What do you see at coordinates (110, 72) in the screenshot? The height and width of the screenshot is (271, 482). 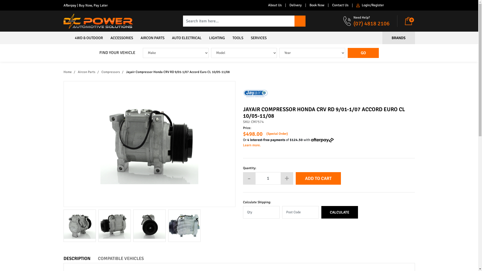 I see `'Compressors'` at bounding box center [110, 72].